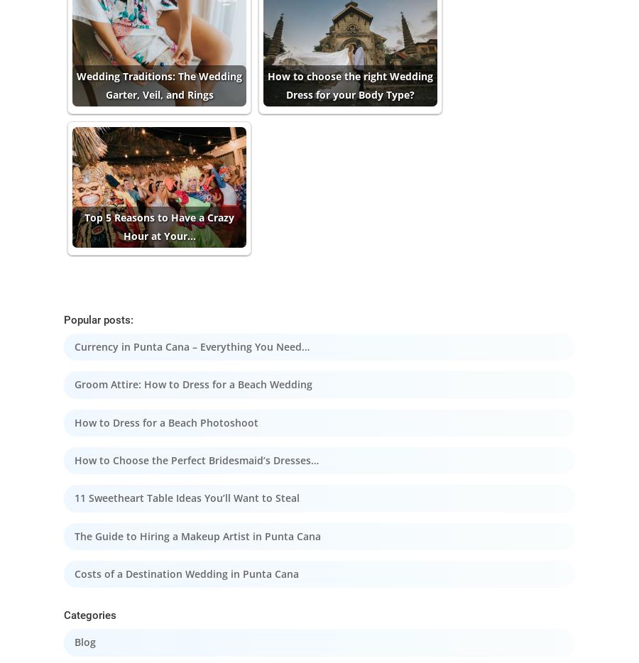 This screenshot has width=639, height=663. What do you see at coordinates (84, 642) in the screenshot?
I see `'Blog'` at bounding box center [84, 642].